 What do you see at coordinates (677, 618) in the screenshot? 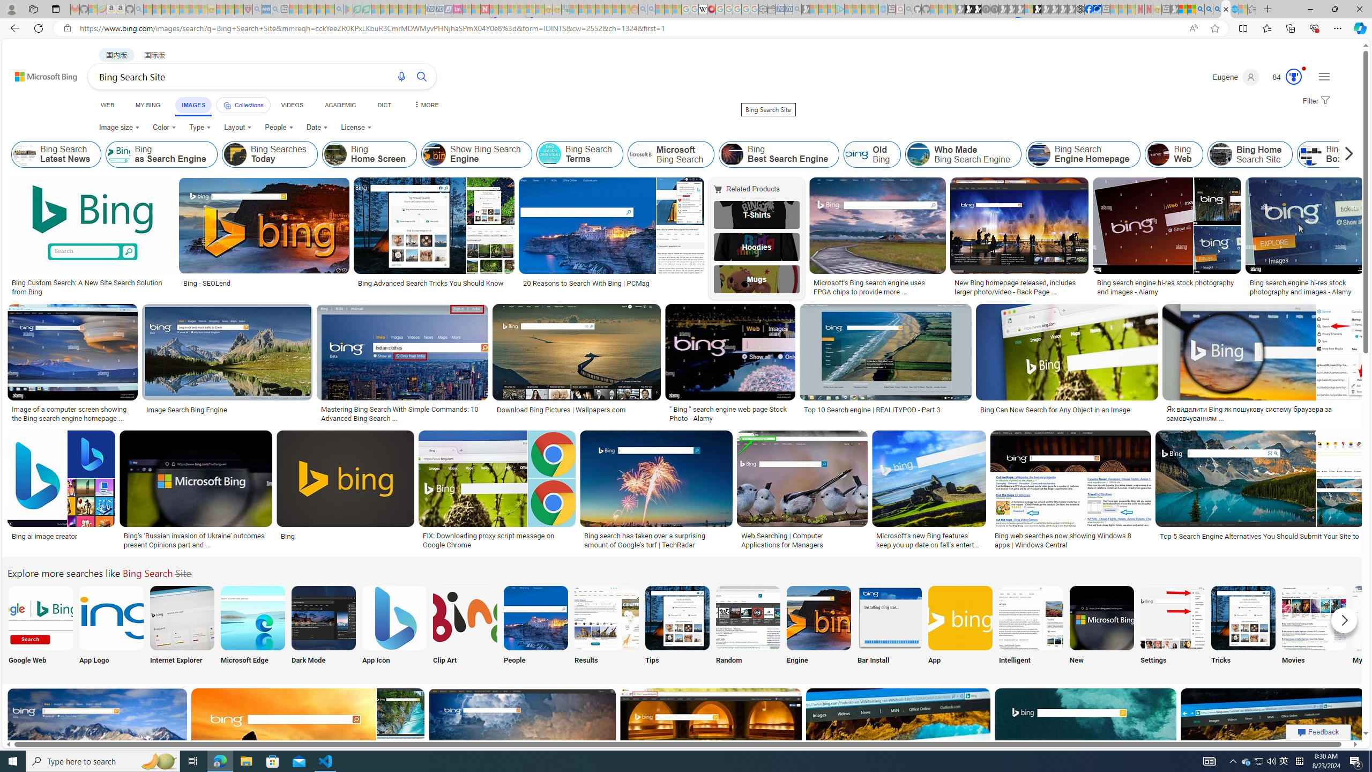
I see `'Bing Search Tips'` at bounding box center [677, 618].